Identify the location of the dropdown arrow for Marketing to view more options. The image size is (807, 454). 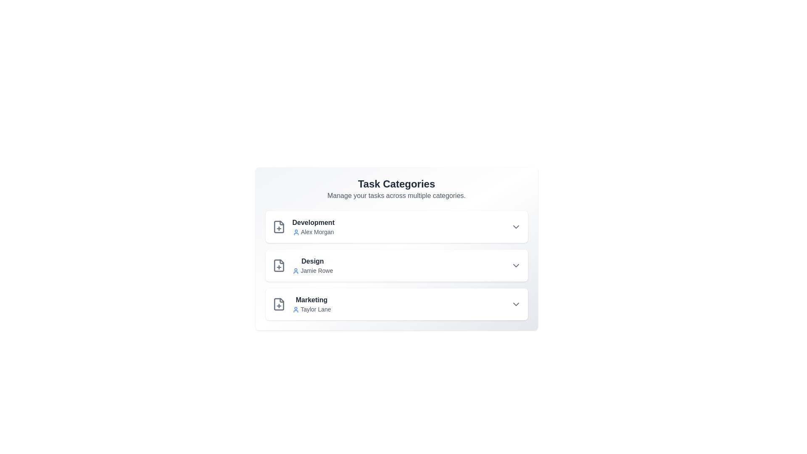
(515, 304).